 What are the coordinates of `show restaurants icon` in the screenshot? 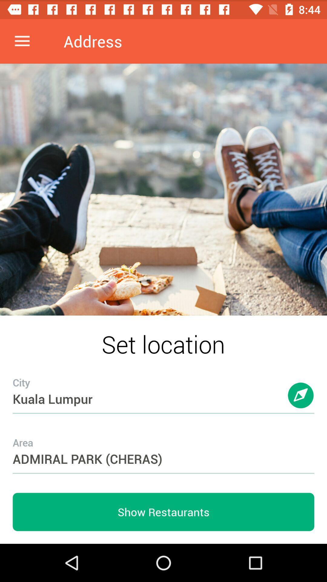 It's located at (163, 512).